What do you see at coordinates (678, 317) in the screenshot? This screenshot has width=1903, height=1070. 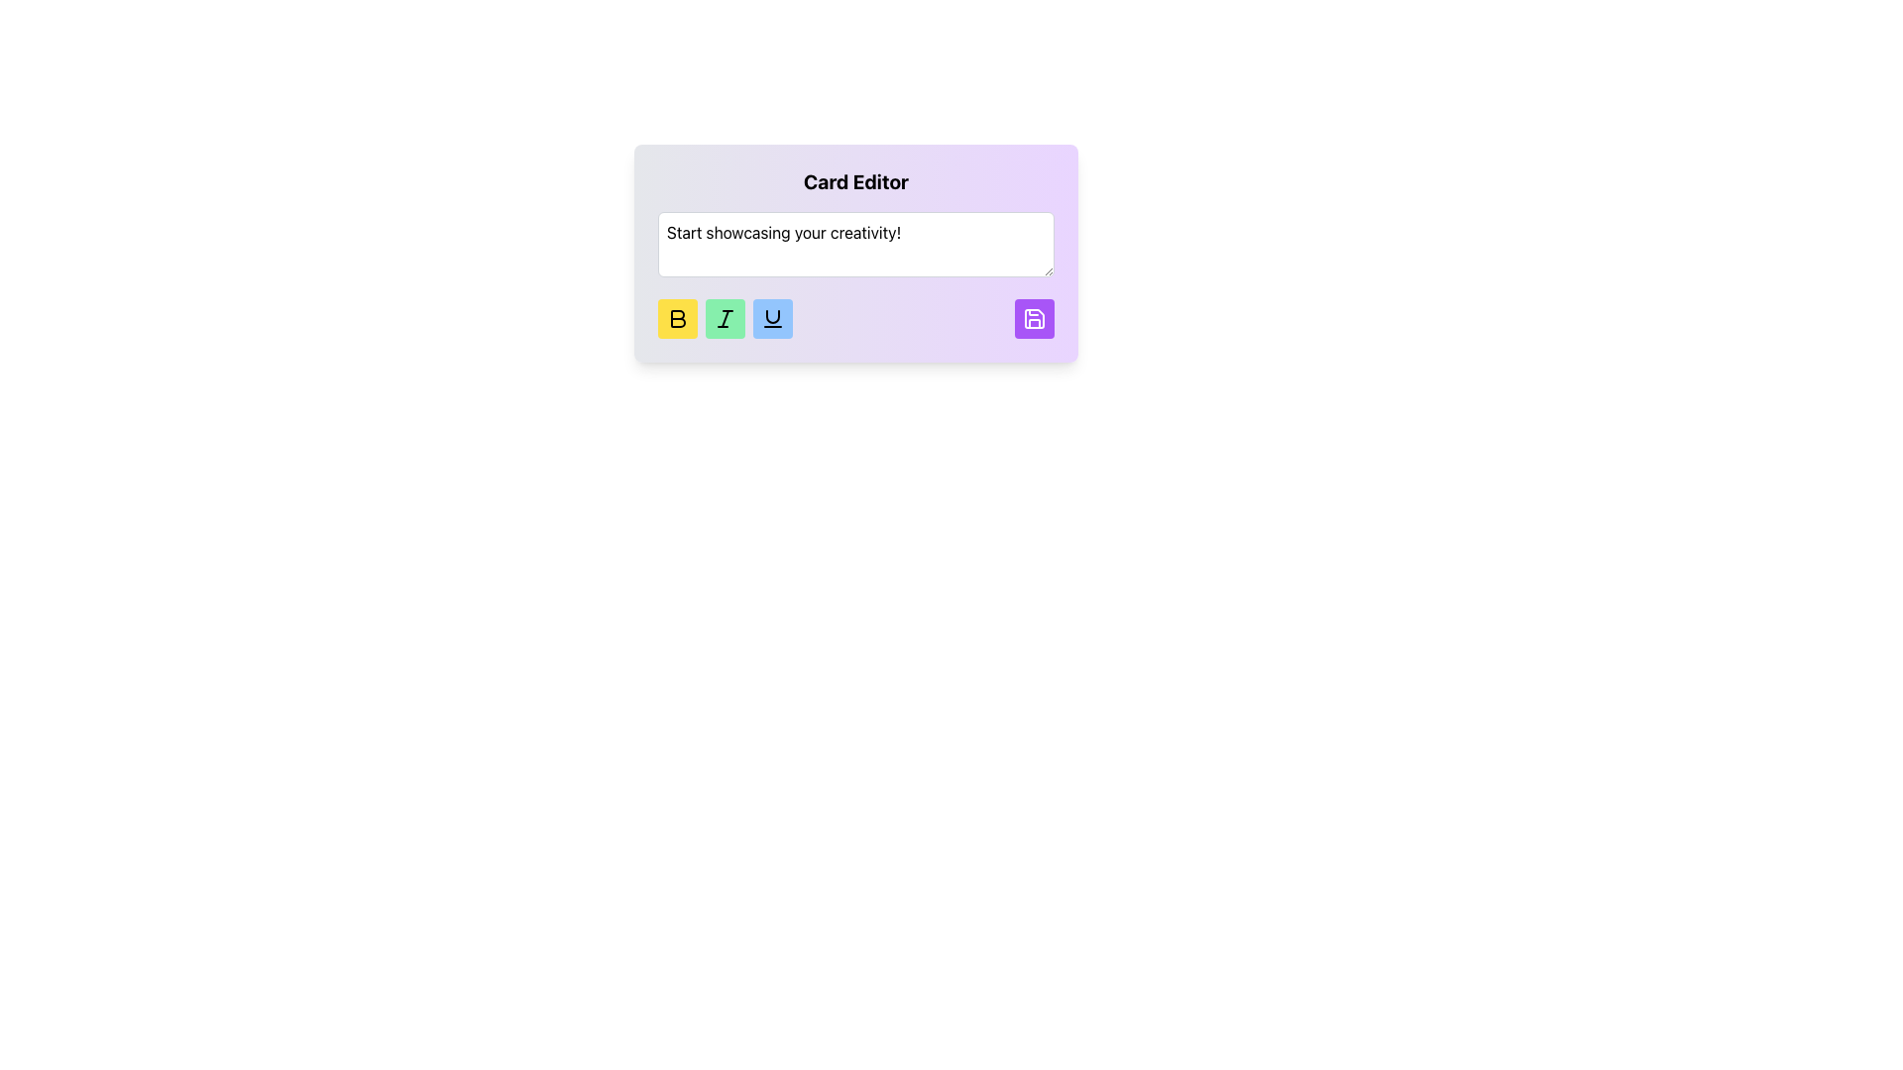 I see `the bold formatting icon button located in the toolbar below the text input field` at bounding box center [678, 317].